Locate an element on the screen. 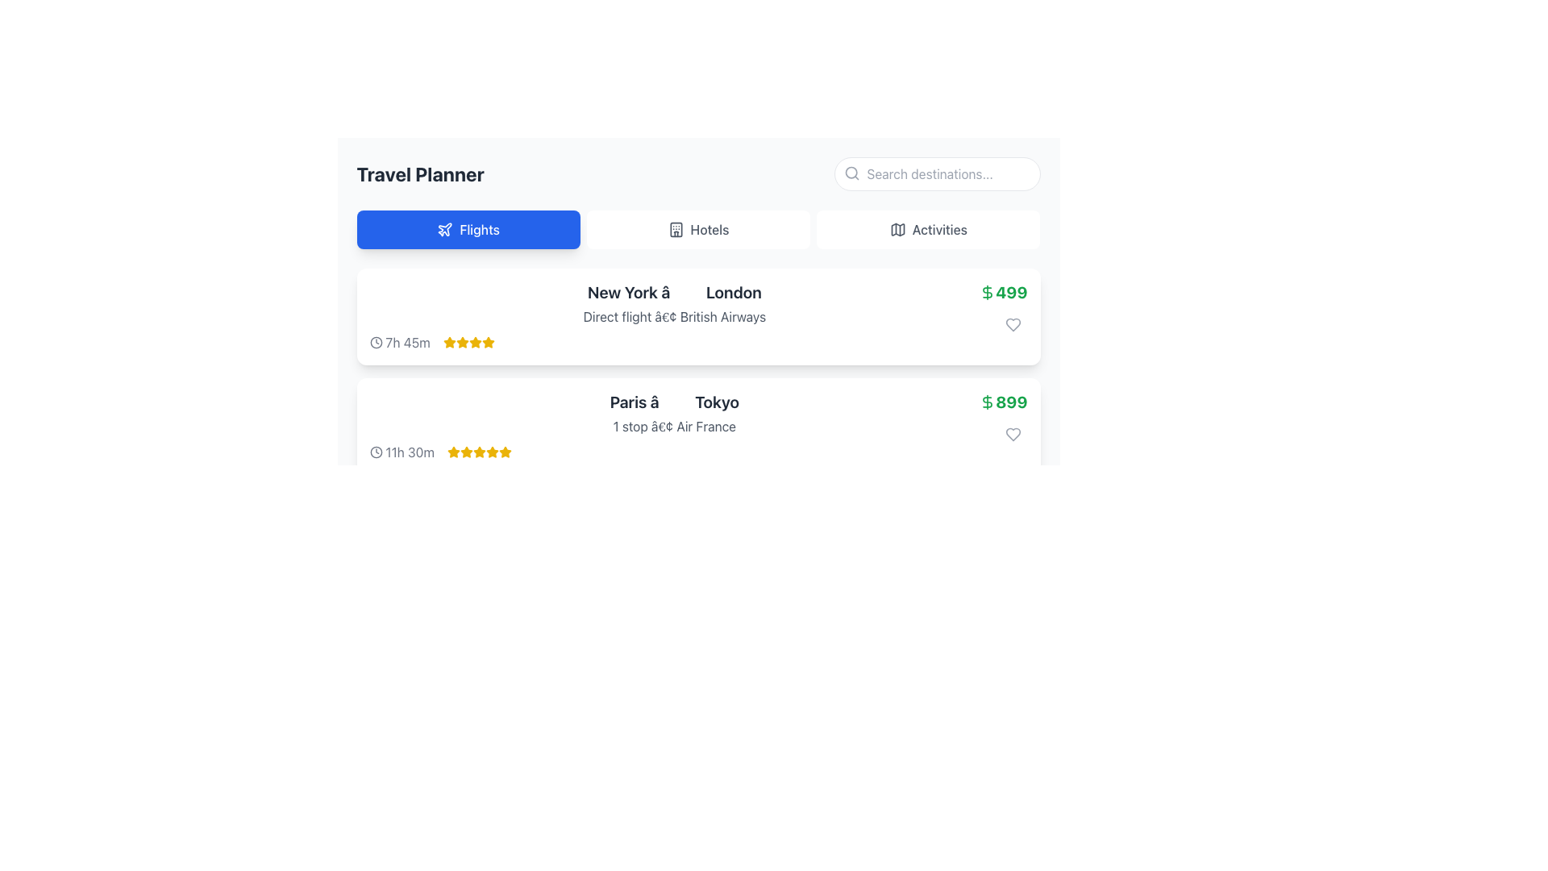 Image resolution: width=1548 pixels, height=871 pixels. the fifth star-shaped icon in the row of rating icons, which is yellow and represents the highest rating next to the duration indicator in the 'Flights' tab of the 'Travel Planner' section is located at coordinates (487, 341).